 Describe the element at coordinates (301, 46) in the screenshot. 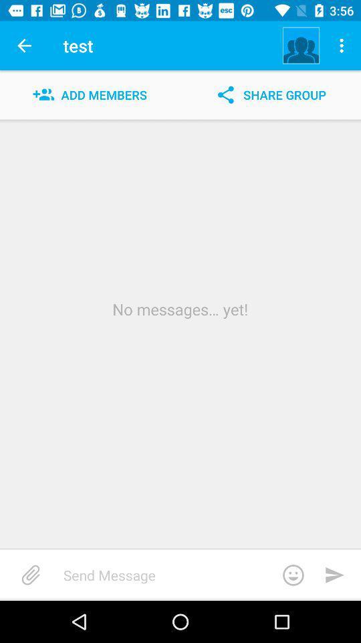

I see `the item above the share group` at that location.